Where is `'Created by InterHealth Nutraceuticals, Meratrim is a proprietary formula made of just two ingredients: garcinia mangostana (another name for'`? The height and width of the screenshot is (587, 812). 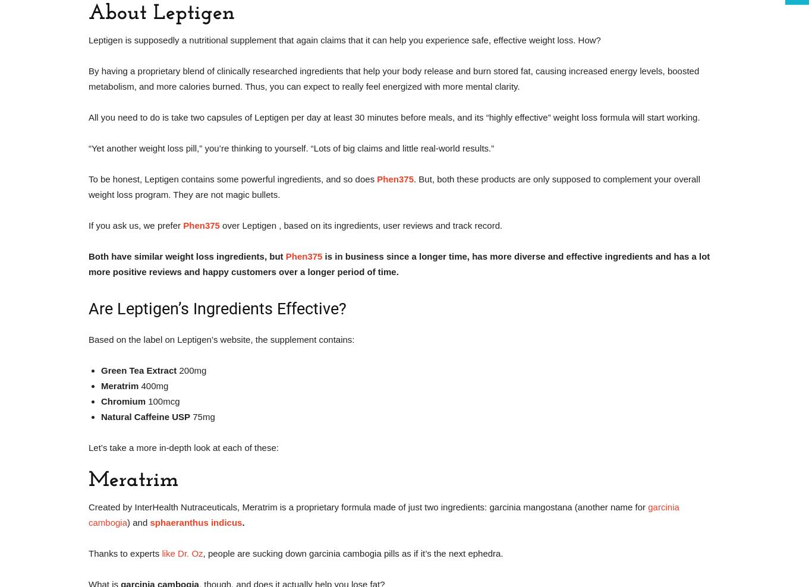
'Created by InterHealth Nutraceuticals, Meratrim is a proprietary formula made of just two ingredients: garcinia mangostana (another name for' is located at coordinates (88, 507).